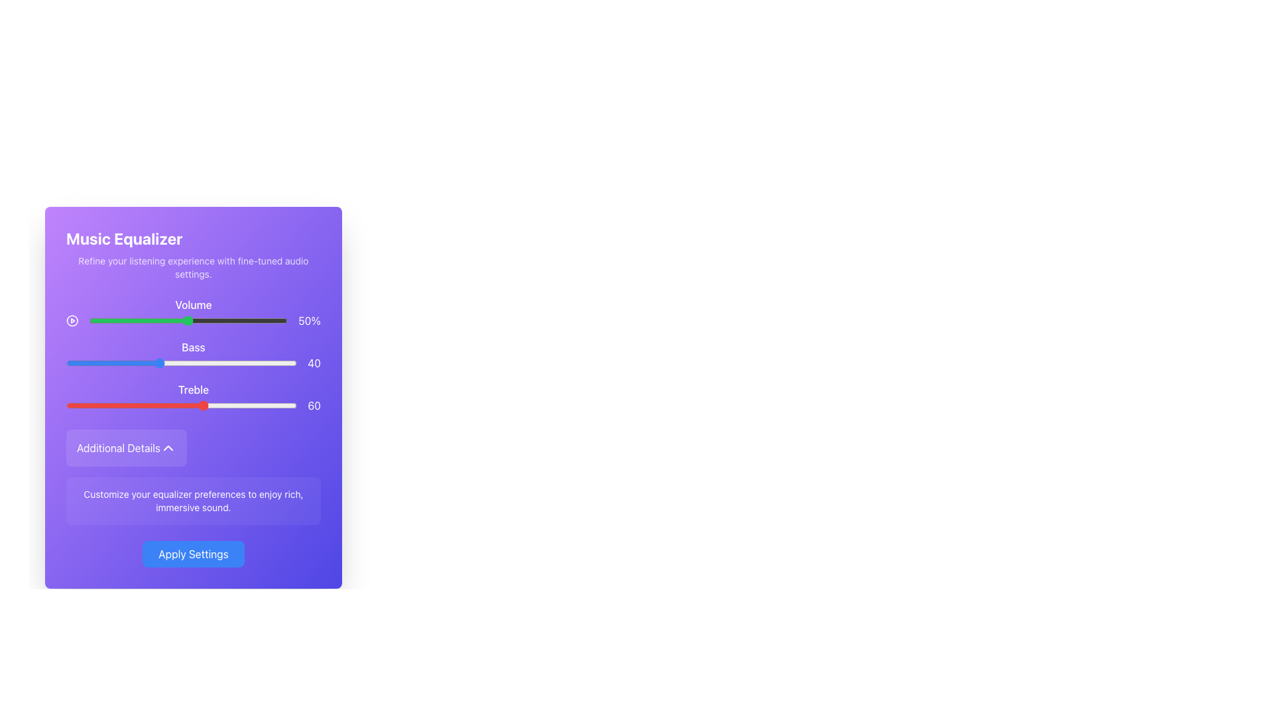 This screenshot has width=1273, height=716. What do you see at coordinates (97, 405) in the screenshot?
I see `the Treble` at bounding box center [97, 405].